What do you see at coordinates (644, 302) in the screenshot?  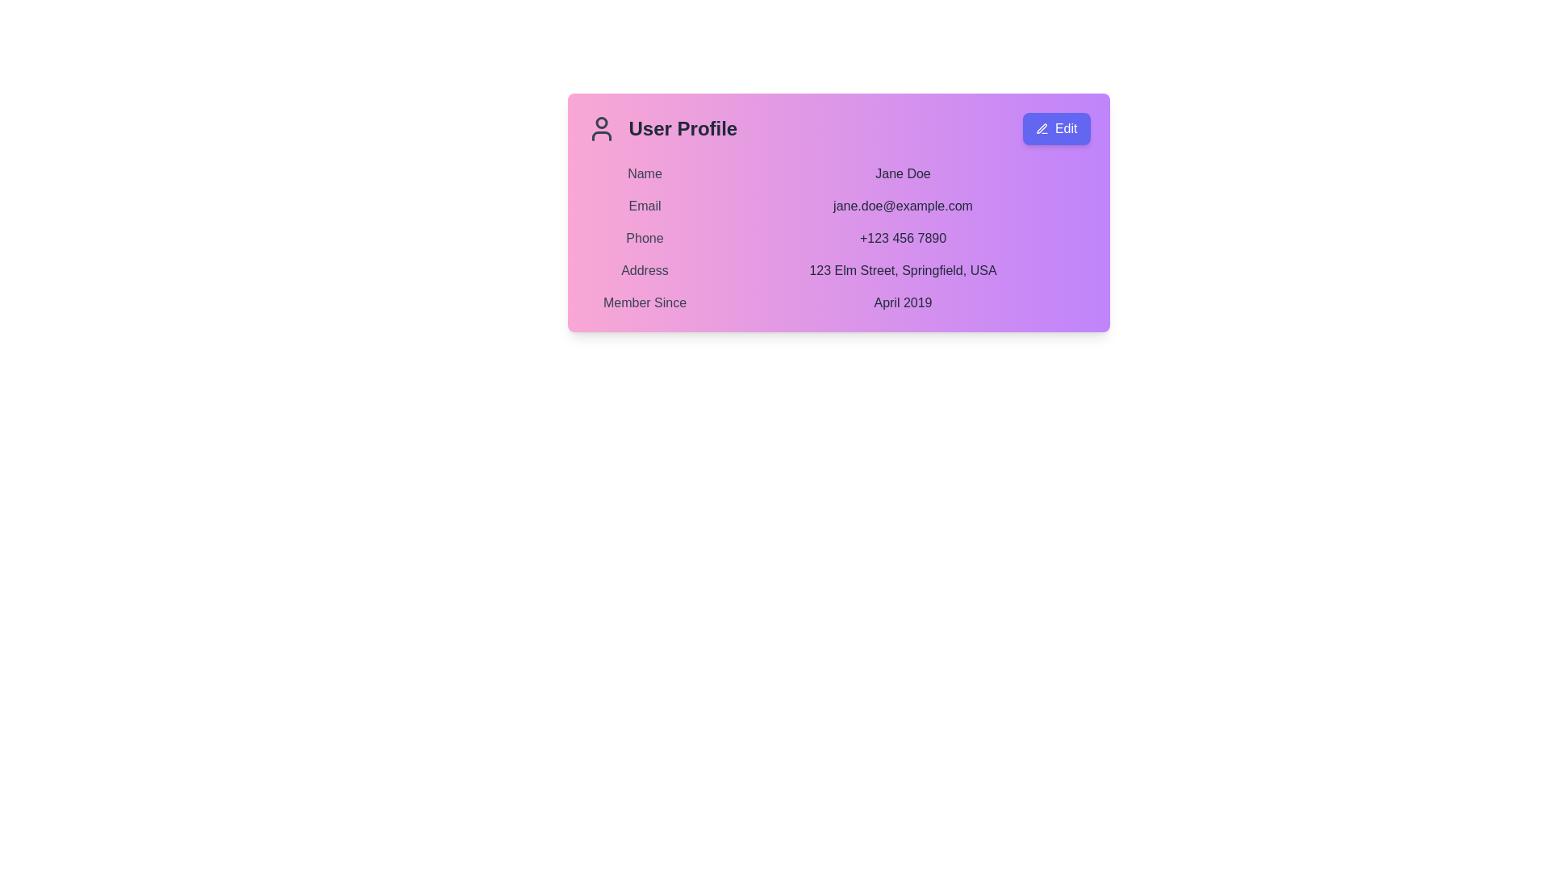 I see `the text label that indicates the membership date, located in the lower-left section of the user profile card, adjacent to 'April 2019'` at bounding box center [644, 302].